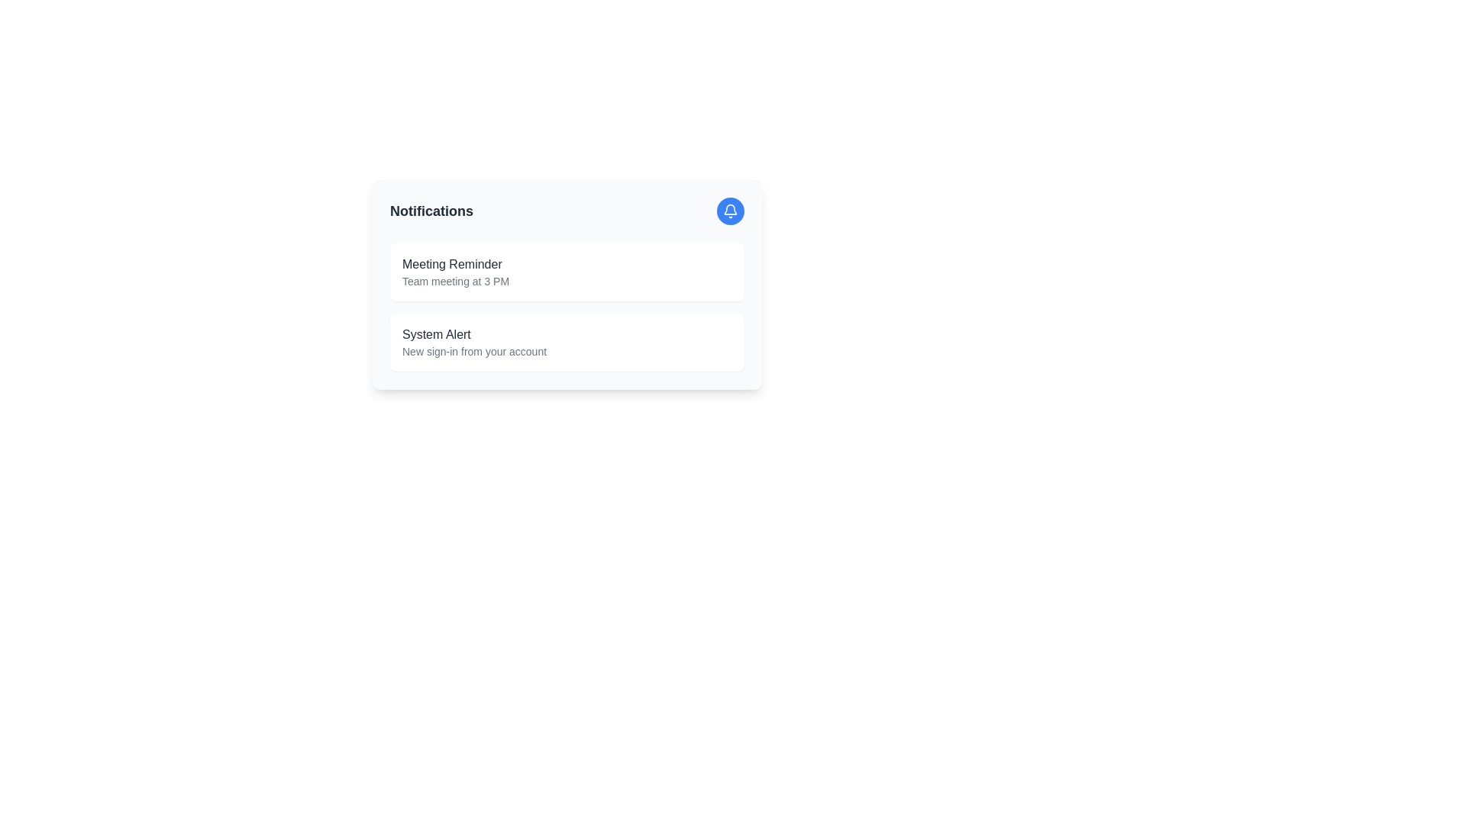 Image resolution: width=1466 pixels, height=824 pixels. Describe the element at coordinates (729, 209) in the screenshot. I see `the bell-shaped notification icon located in the top-right corner of the notification card next to the title 'Notifications' to interact` at that location.